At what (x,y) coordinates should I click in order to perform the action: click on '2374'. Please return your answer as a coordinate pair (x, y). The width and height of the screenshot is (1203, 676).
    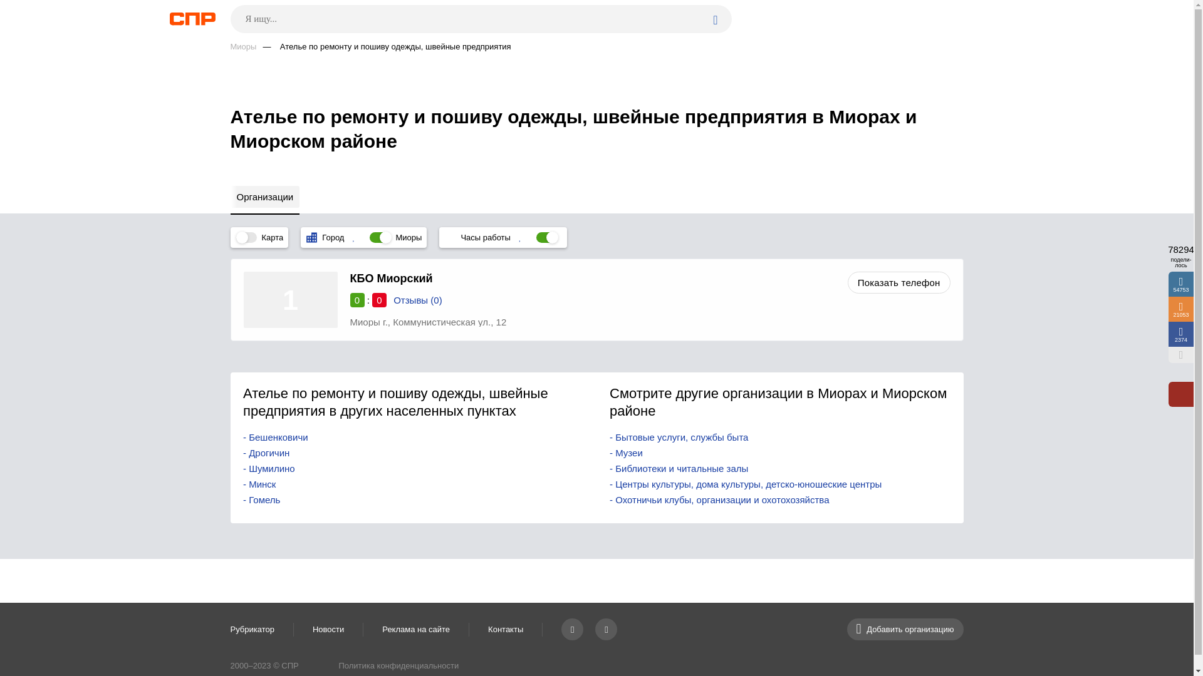
    Looking at the image, I should click on (1168, 333).